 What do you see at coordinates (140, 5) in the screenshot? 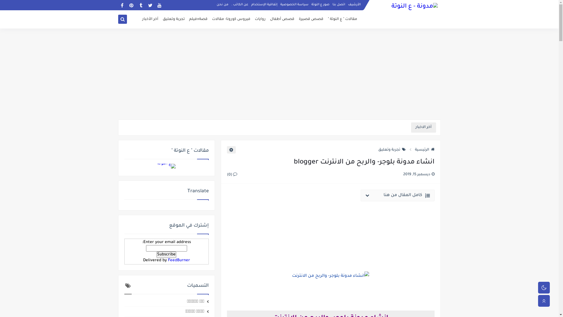
I see `'tumblr'` at bounding box center [140, 5].